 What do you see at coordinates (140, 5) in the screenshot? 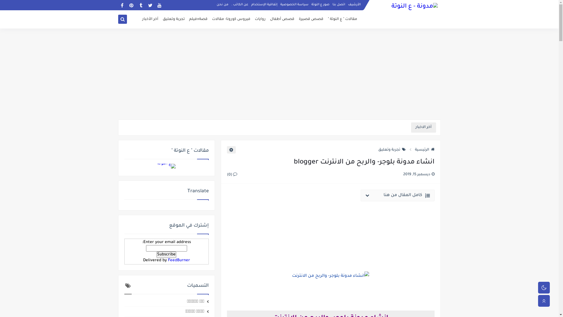
I see `'tumblr'` at bounding box center [140, 5].